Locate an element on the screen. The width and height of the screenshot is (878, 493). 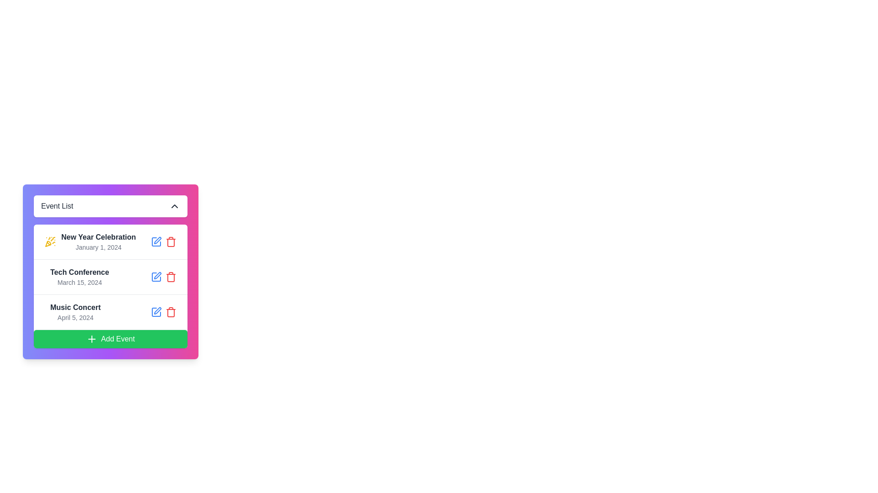
the second item in the 'Event List', which displays details of the 'Tech Conference' is located at coordinates (110, 276).